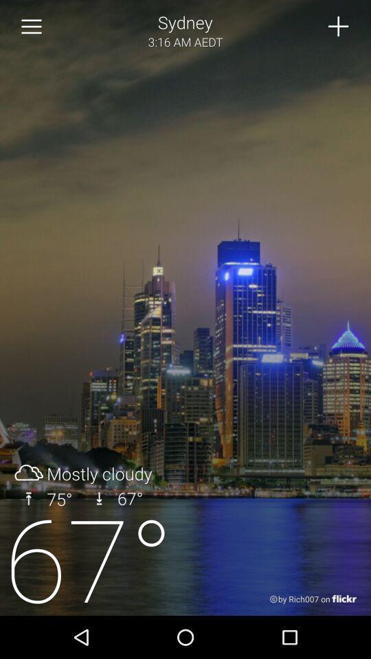 Image resolution: width=371 pixels, height=659 pixels. Describe the element at coordinates (338, 27) in the screenshot. I see `the add icon` at that location.